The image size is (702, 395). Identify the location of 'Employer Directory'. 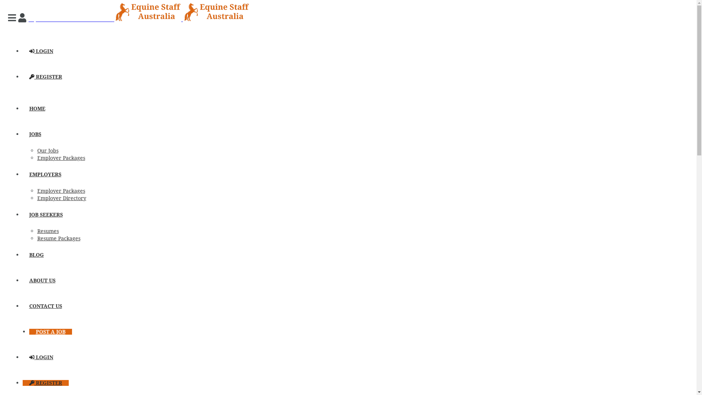
(61, 198).